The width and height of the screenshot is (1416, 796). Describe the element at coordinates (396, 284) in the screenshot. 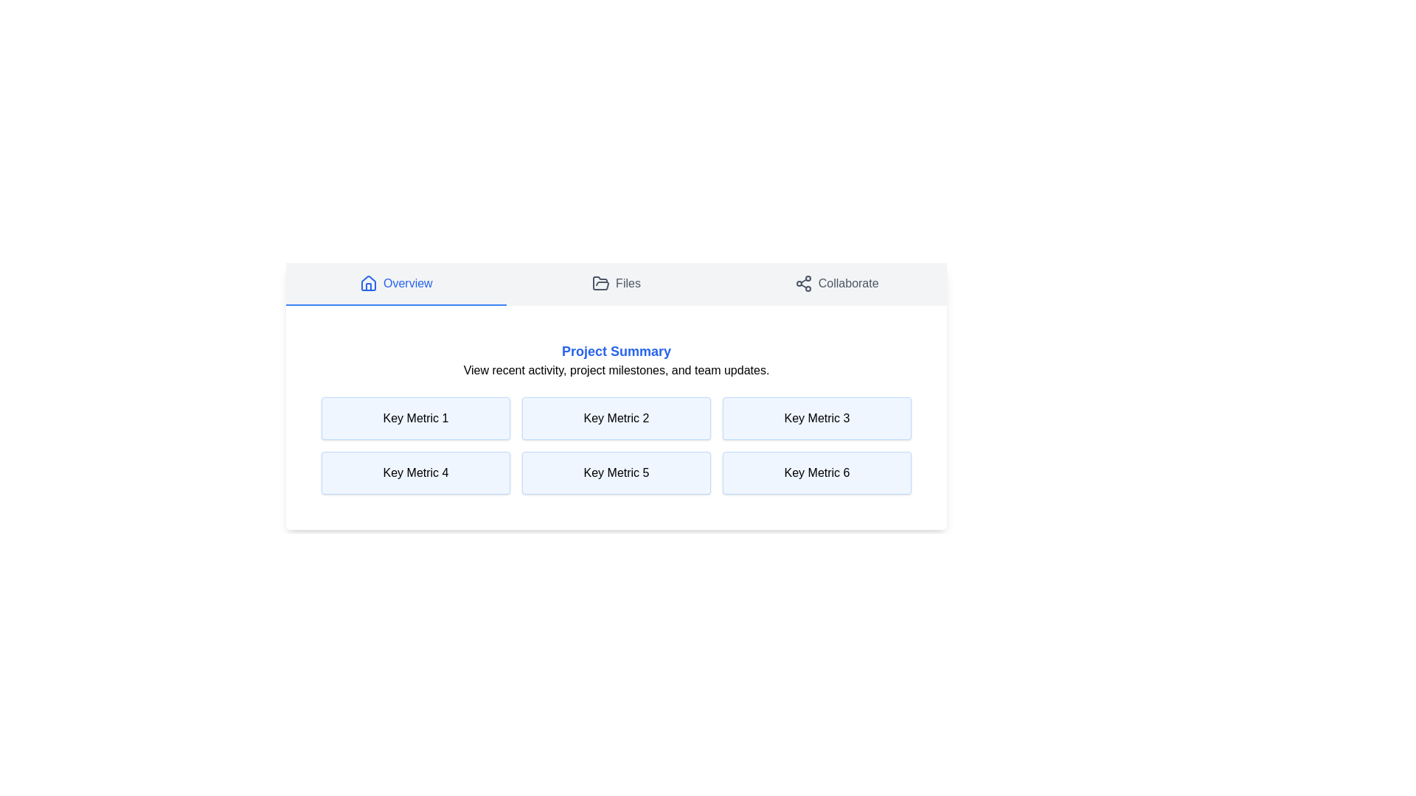

I see `the active 'Overview' navigational tab, which features a blue text label and icon` at that location.